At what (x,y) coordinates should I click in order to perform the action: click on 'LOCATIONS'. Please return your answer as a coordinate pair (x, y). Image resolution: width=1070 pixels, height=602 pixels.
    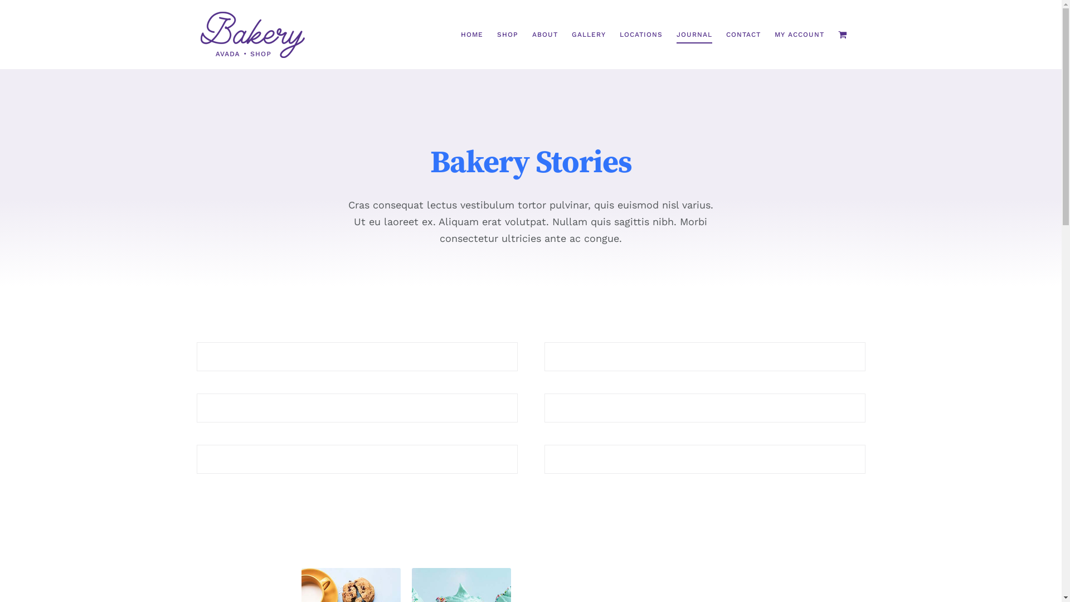
    Looking at the image, I should click on (641, 33).